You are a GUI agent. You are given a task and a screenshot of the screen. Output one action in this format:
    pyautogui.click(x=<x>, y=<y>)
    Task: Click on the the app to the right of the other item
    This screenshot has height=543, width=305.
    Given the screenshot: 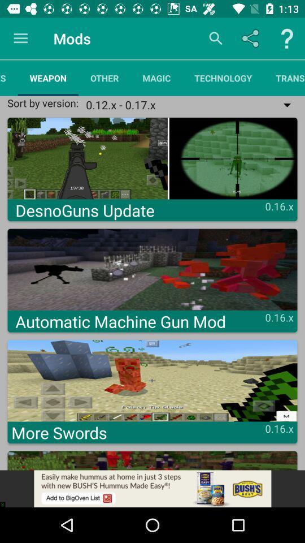 What is the action you would take?
    pyautogui.click(x=156, y=77)
    